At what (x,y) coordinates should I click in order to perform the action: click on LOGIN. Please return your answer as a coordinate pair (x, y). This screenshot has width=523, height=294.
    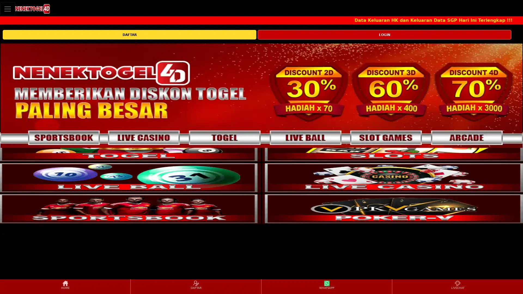
    Looking at the image, I should click on (384, 35).